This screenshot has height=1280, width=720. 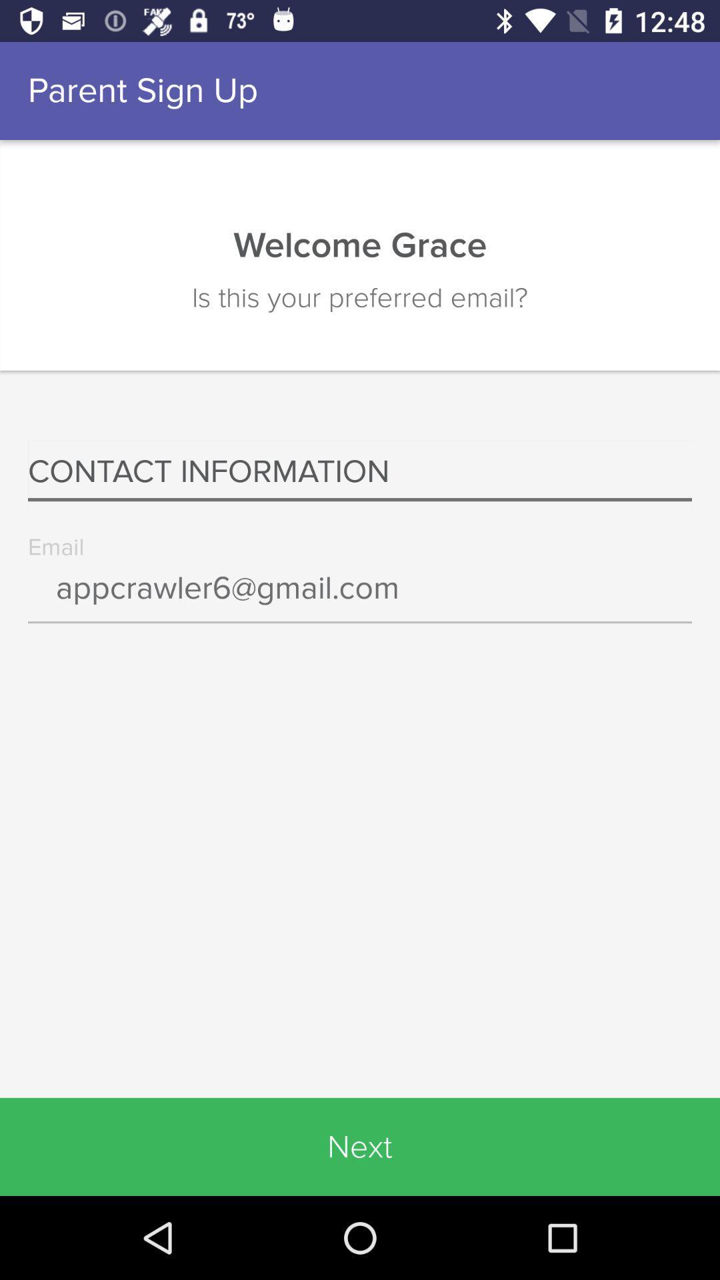 I want to click on appcrawler6@gmail.com item, so click(x=360, y=597).